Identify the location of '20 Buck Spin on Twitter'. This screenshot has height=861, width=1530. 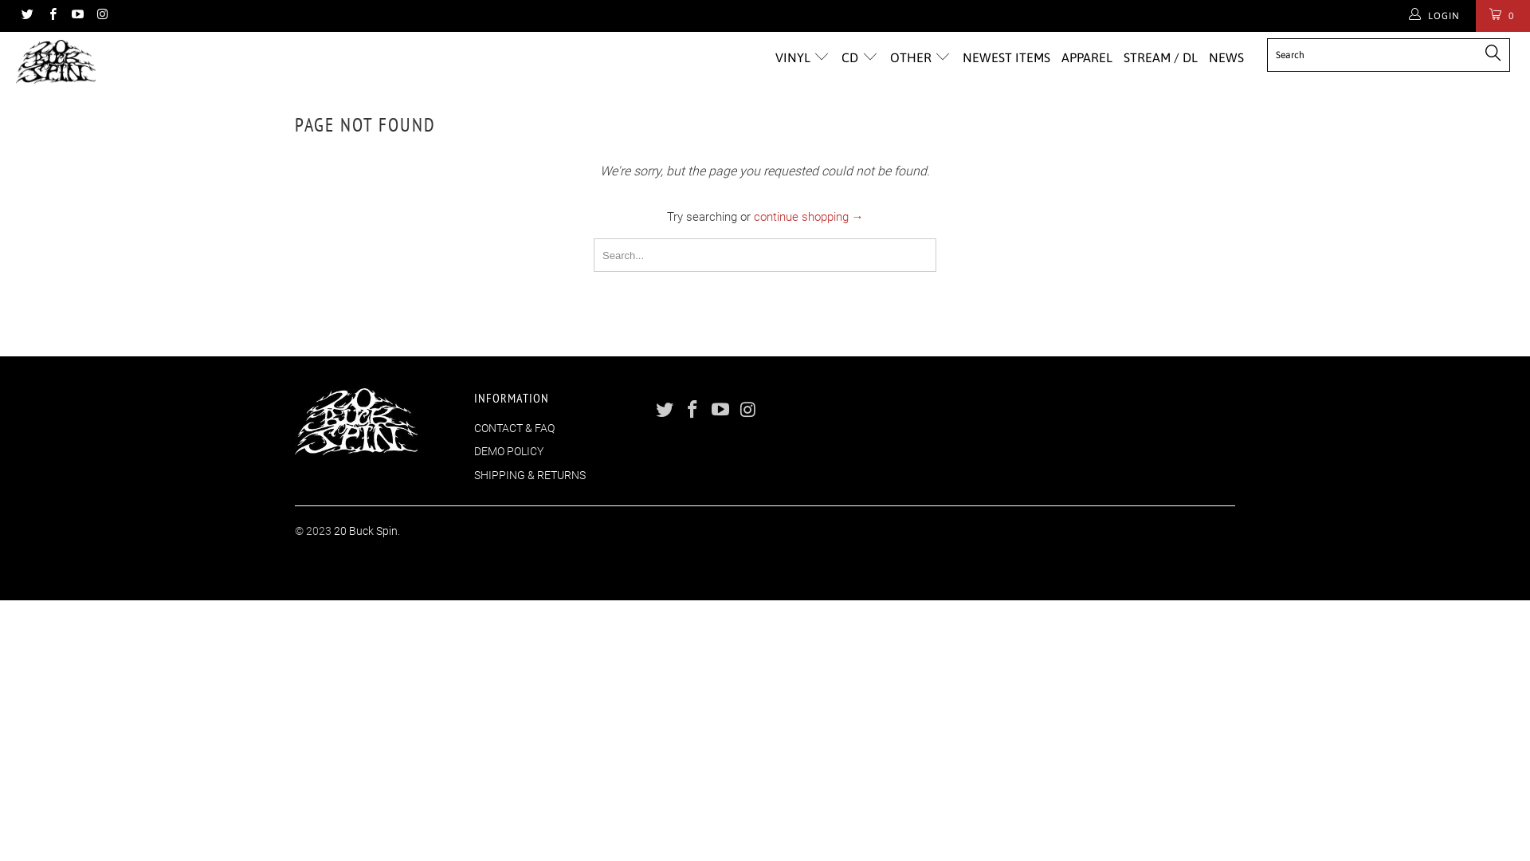
(26, 15).